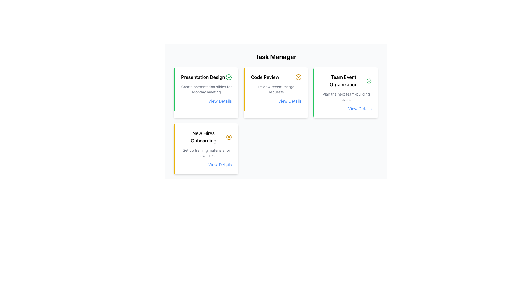 The image size is (509, 286). Describe the element at coordinates (276, 56) in the screenshot. I see `the header text element located at the top central area of the task management interface, which provides context for the content below` at that location.